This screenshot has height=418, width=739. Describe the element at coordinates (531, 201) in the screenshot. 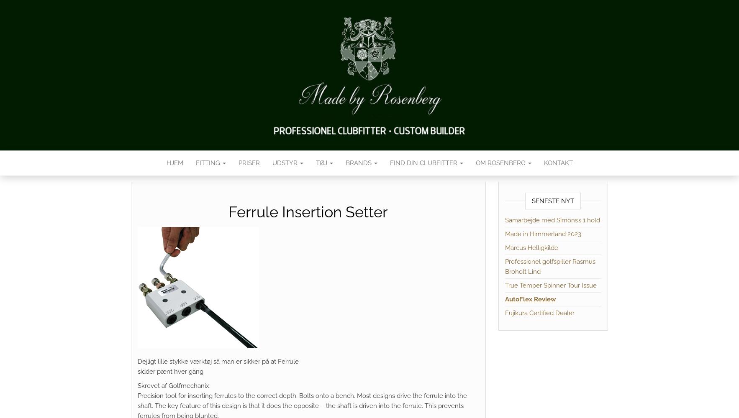

I see `'SENESTE NYT'` at that location.